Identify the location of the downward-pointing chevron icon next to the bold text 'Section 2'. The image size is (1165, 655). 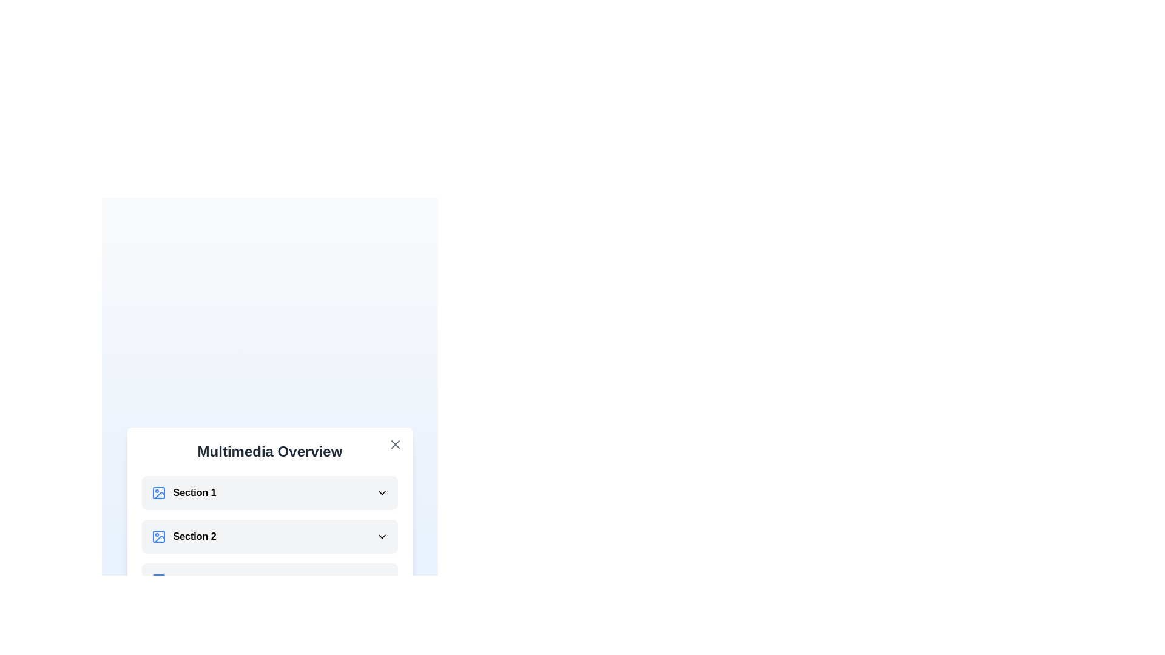
(382, 536).